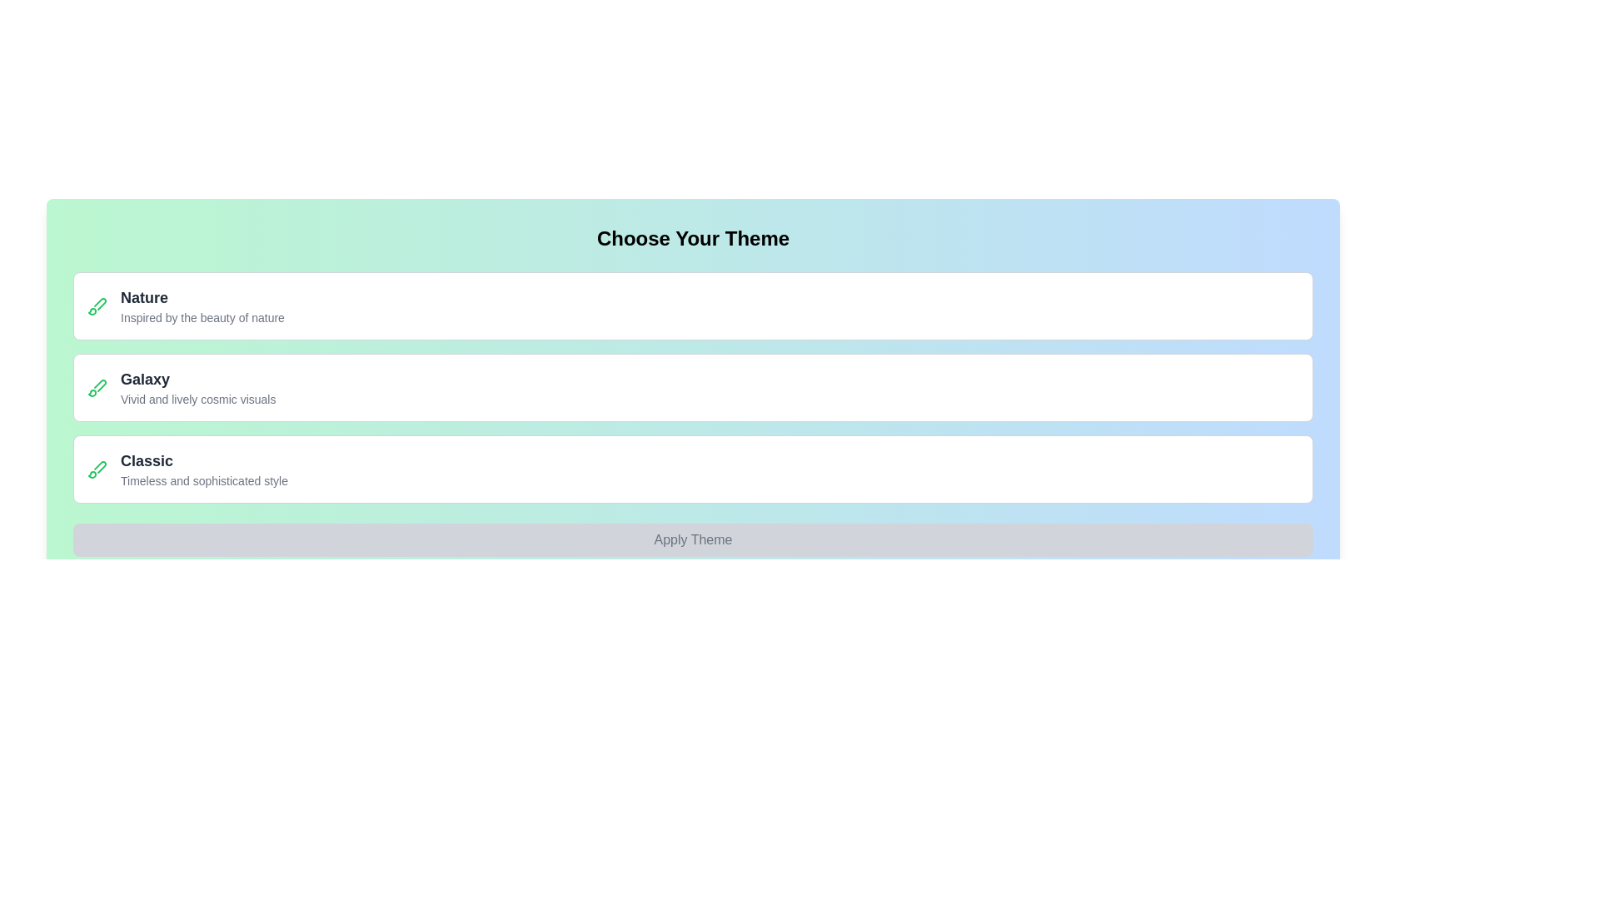  I want to click on the second card in the vertical stack that allows users to select the 'Galaxy' theme, so click(693, 388).